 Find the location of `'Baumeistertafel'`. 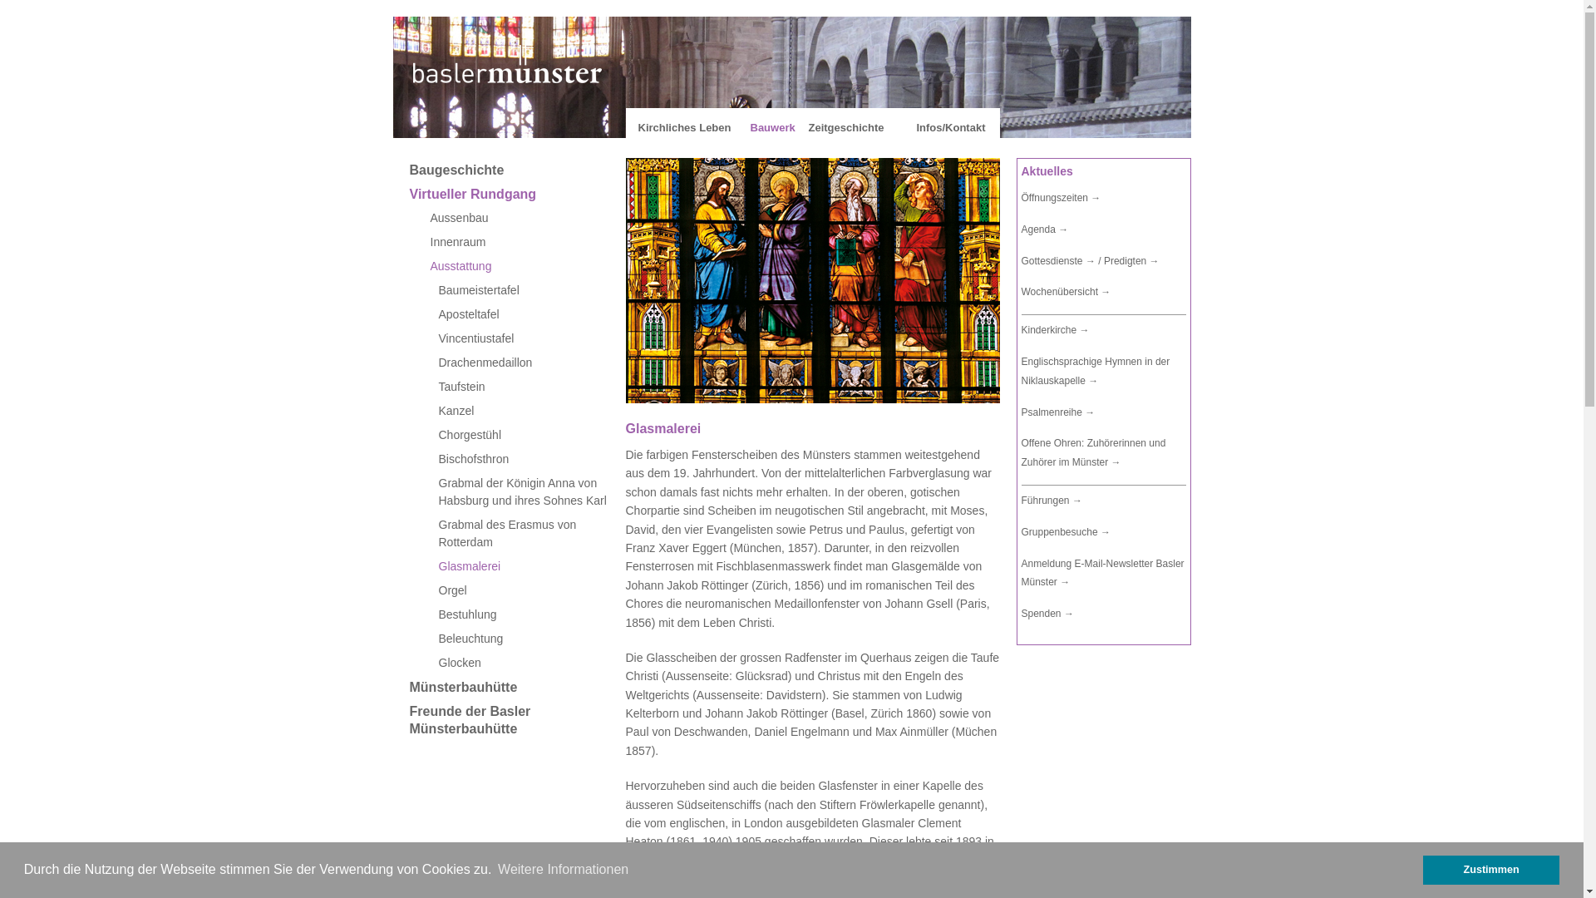

'Baumeistertafel' is located at coordinates (520, 289).